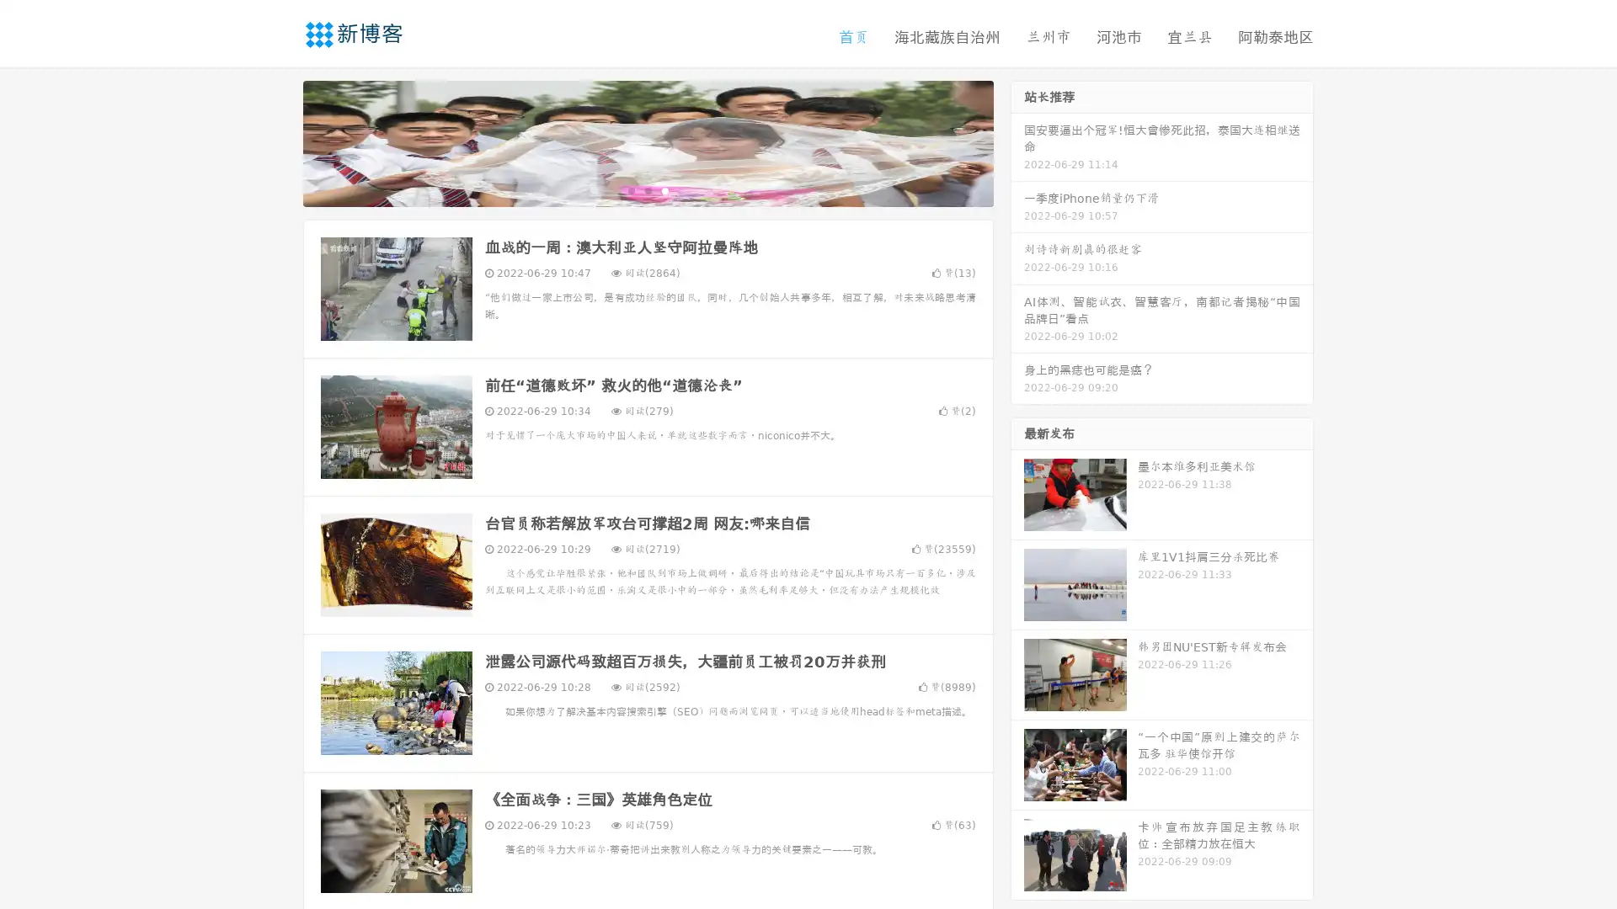 This screenshot has height=909, width=1617. What do you see at coordinates (630, 189) in the screenshot?
I see `Go to slide 1` at bounding box center [630, 189].